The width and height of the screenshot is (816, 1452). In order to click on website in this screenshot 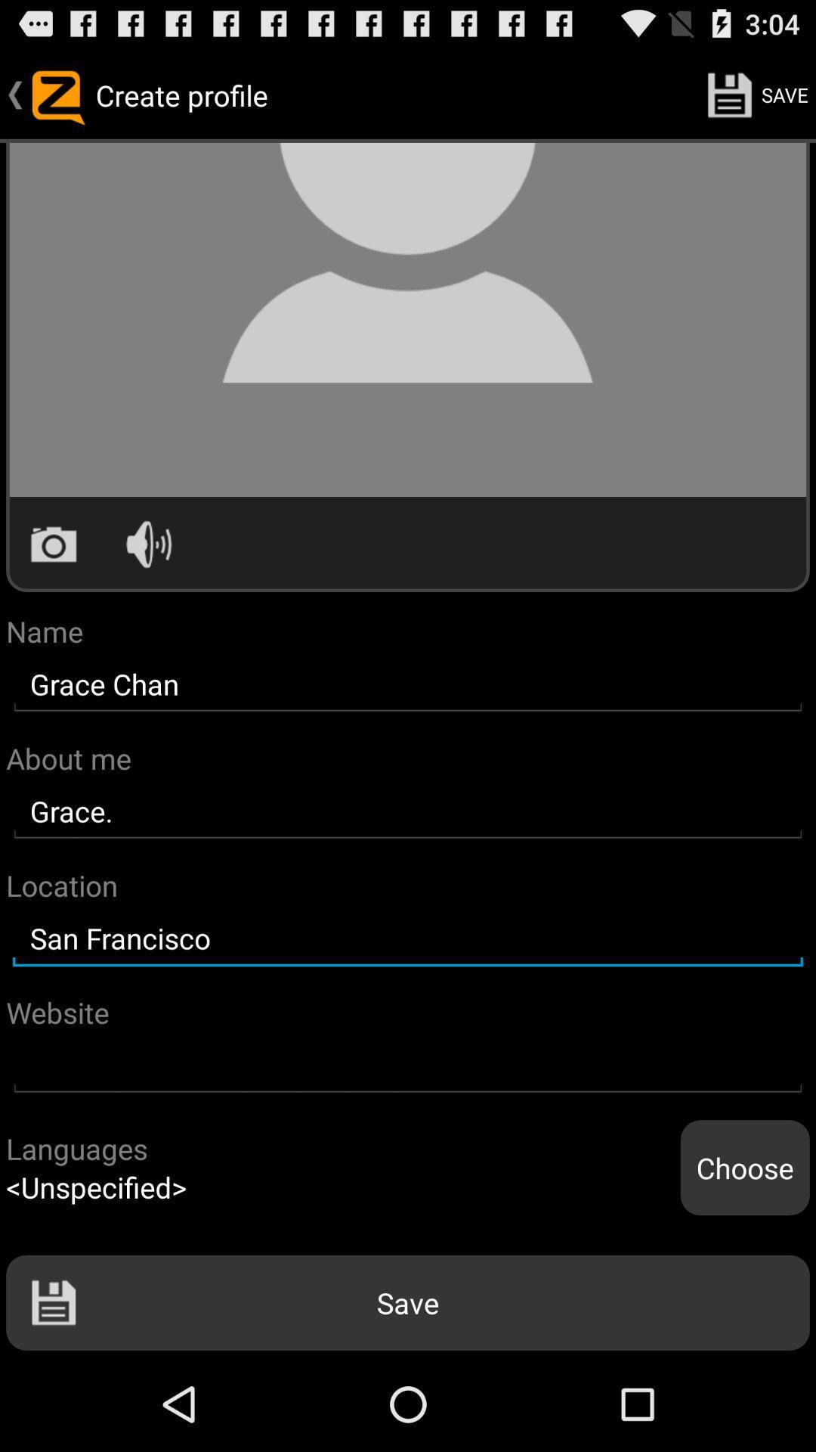, I will do `click(408, 1065)`.